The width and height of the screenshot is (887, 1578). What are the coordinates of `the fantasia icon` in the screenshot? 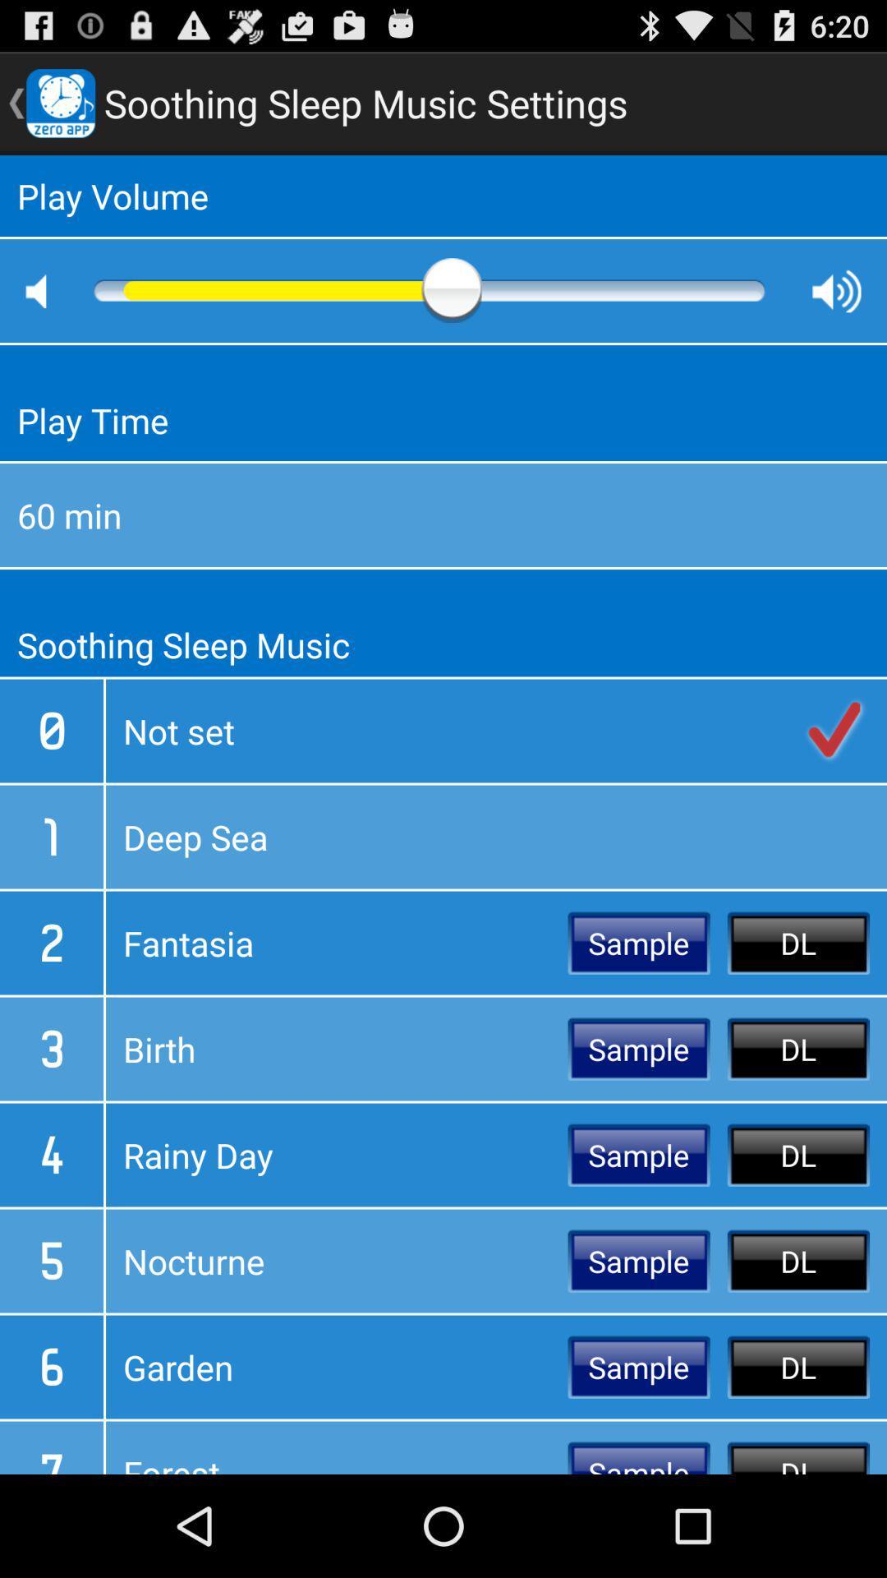 It's located at (336, 943).